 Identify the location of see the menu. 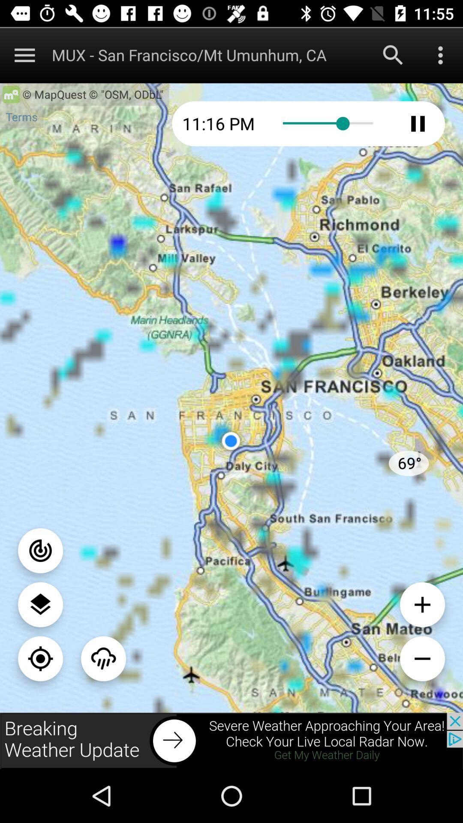
(40, 604).